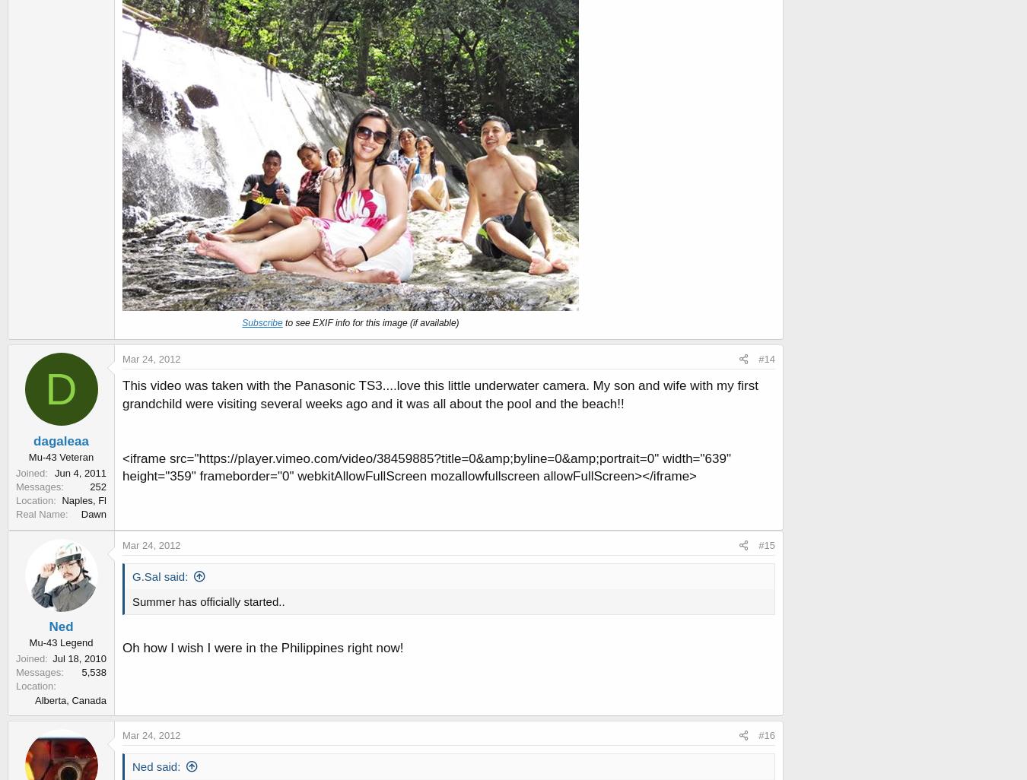  I want to click on 'Naples, Fl', so click(61, 500).